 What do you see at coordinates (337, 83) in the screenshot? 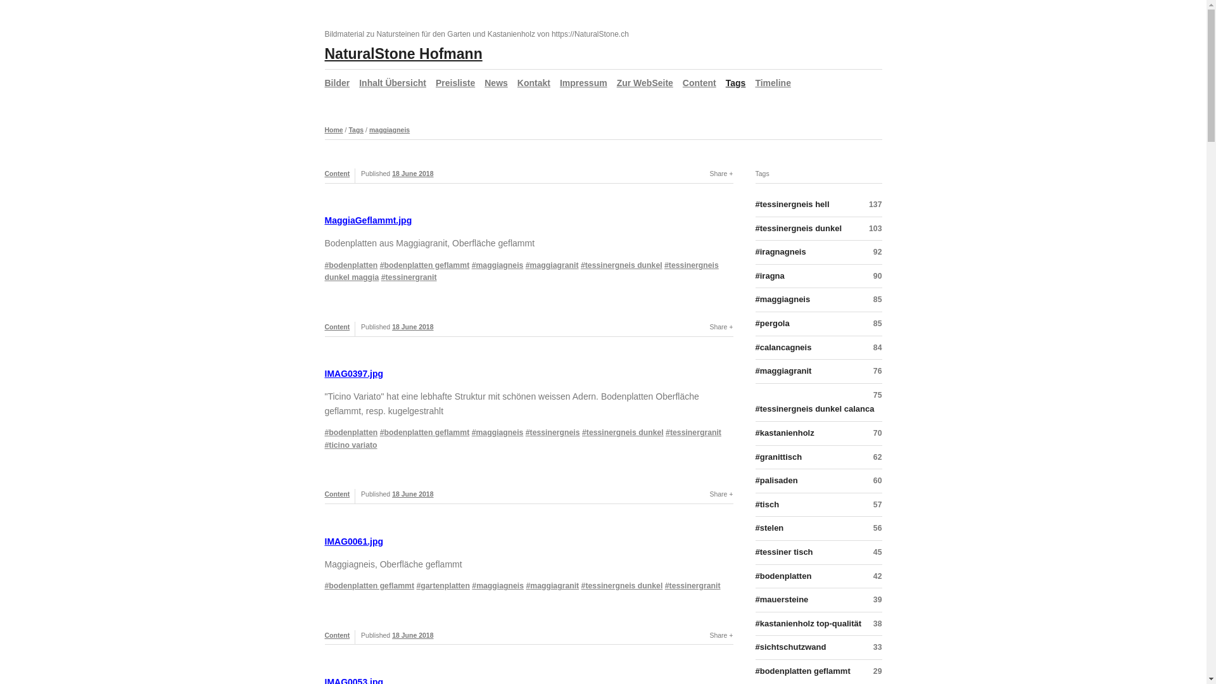
I see `'Bilder'` at bounding box center [337, 83].